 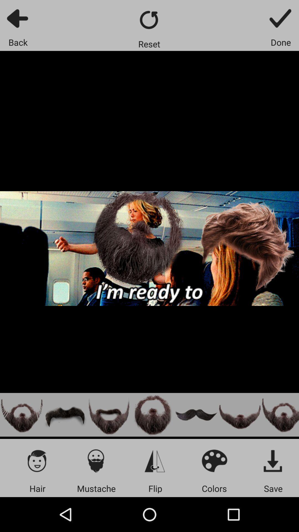 What do you see at coordinates (239, 415) in the screenshot?
I see `button image` at bounding box center [239, 415].